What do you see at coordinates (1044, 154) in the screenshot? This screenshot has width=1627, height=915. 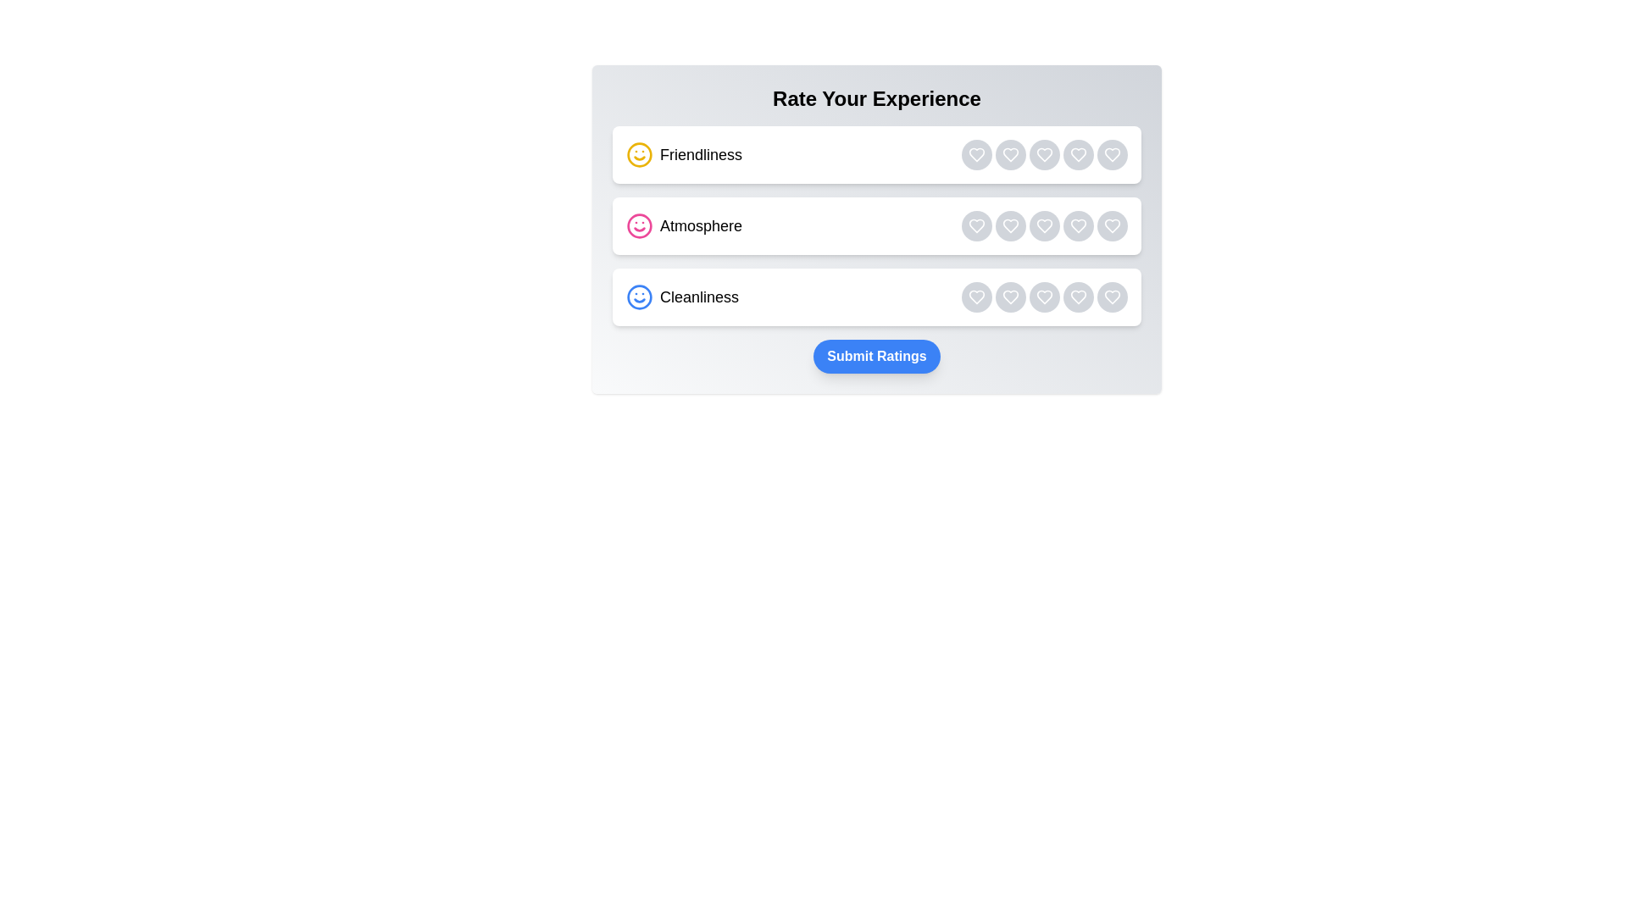 I see `the rating button for category Friendliness with rating 3` at bounding box center [1044, 154].